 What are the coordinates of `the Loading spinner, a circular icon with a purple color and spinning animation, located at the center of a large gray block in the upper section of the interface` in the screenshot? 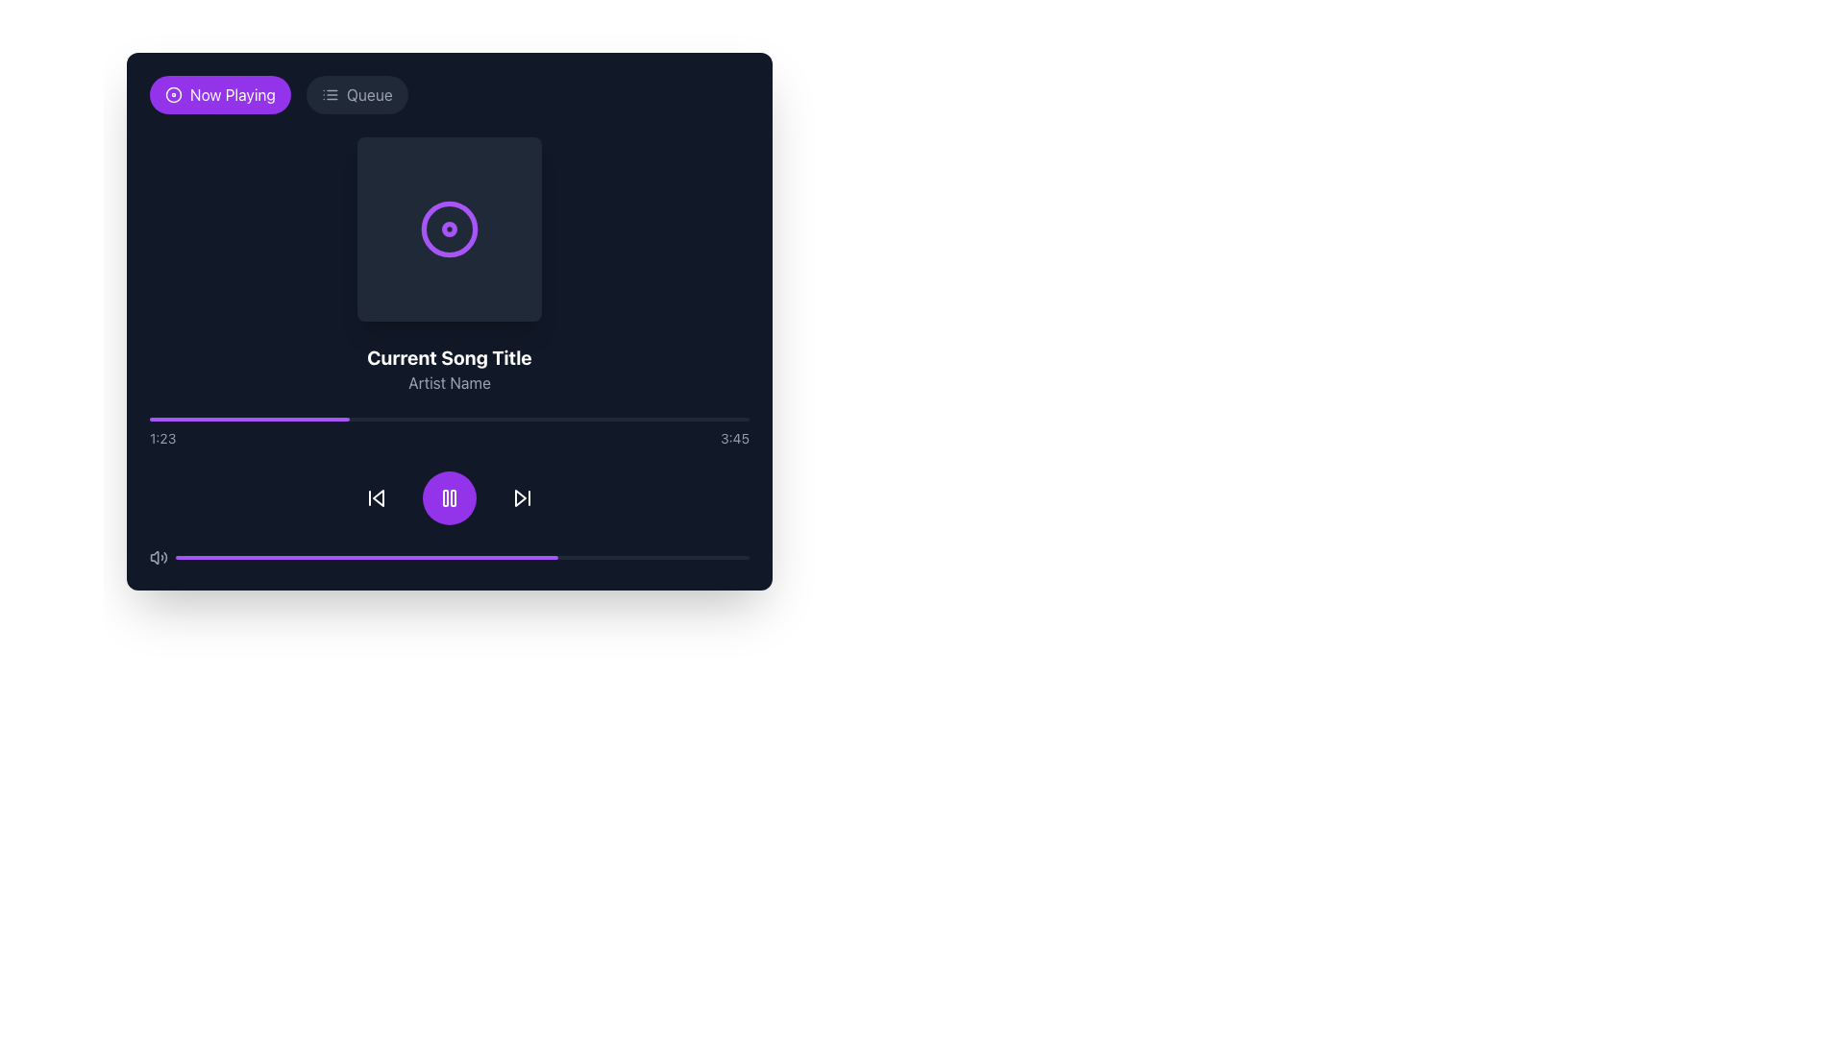 It's located at (448, 229).